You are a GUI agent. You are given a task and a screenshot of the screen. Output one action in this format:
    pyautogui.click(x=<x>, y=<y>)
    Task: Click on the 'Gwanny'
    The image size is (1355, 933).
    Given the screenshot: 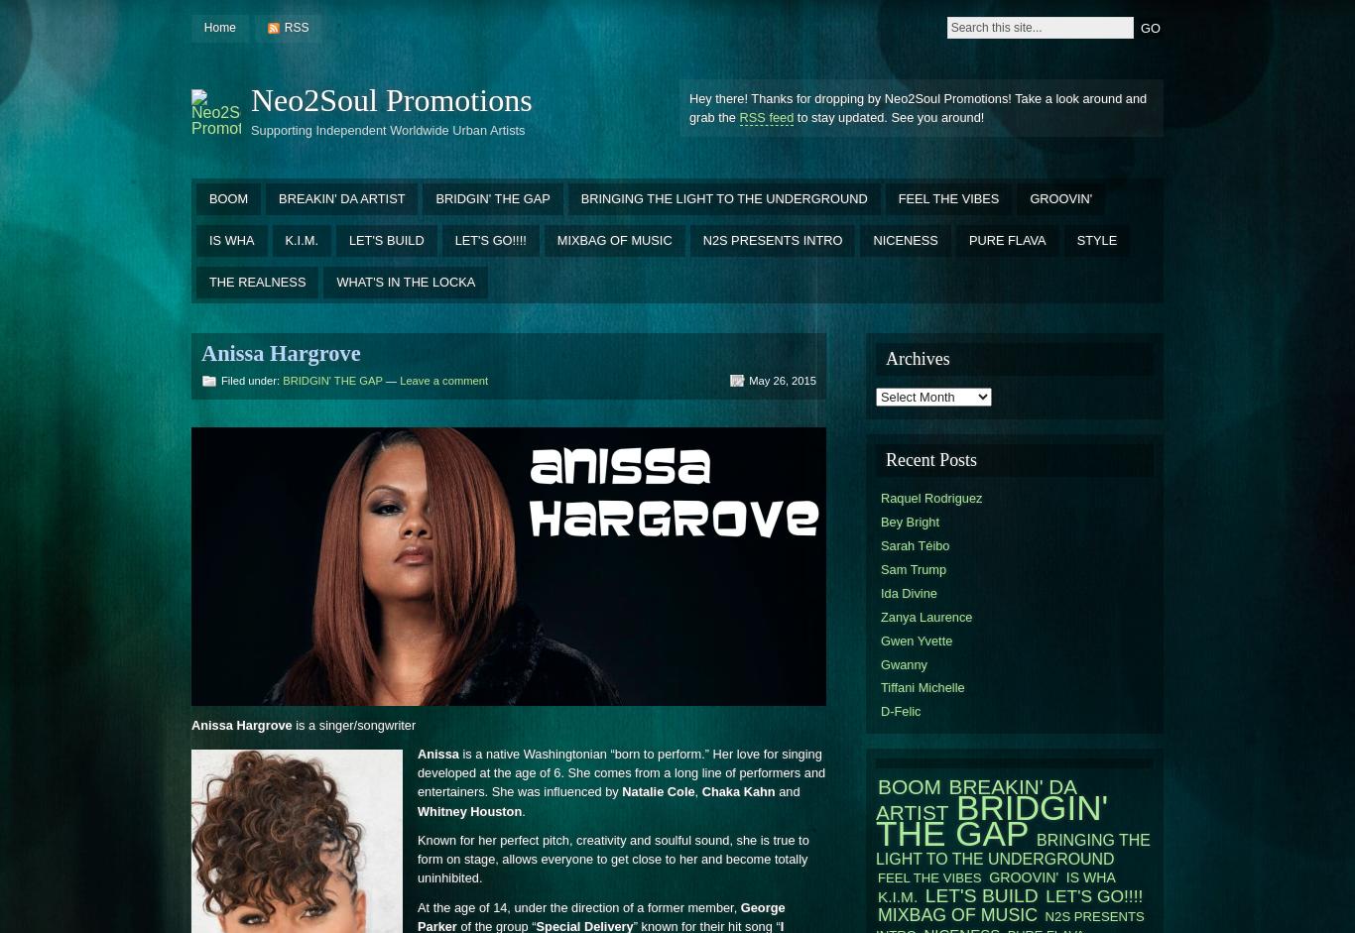 What is the action you would take?
    pyautogui.click(x=880, y=662)
    